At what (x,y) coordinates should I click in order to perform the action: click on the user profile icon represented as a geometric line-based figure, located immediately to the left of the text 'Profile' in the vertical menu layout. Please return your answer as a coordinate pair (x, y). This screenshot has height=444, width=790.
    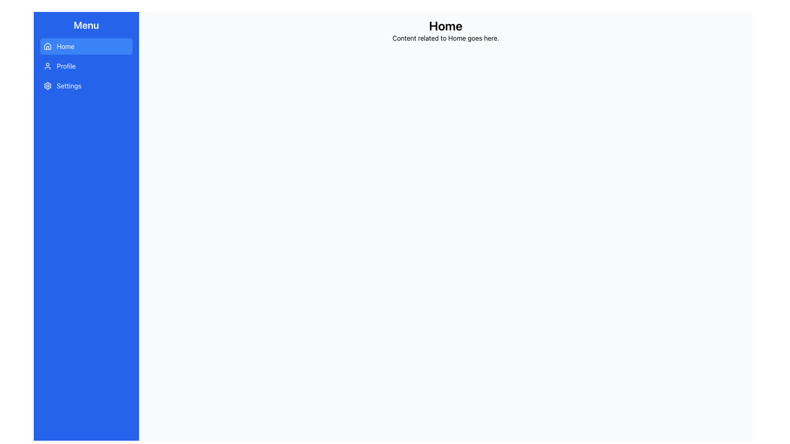
    Looking at the image, I should click on (47, 66).